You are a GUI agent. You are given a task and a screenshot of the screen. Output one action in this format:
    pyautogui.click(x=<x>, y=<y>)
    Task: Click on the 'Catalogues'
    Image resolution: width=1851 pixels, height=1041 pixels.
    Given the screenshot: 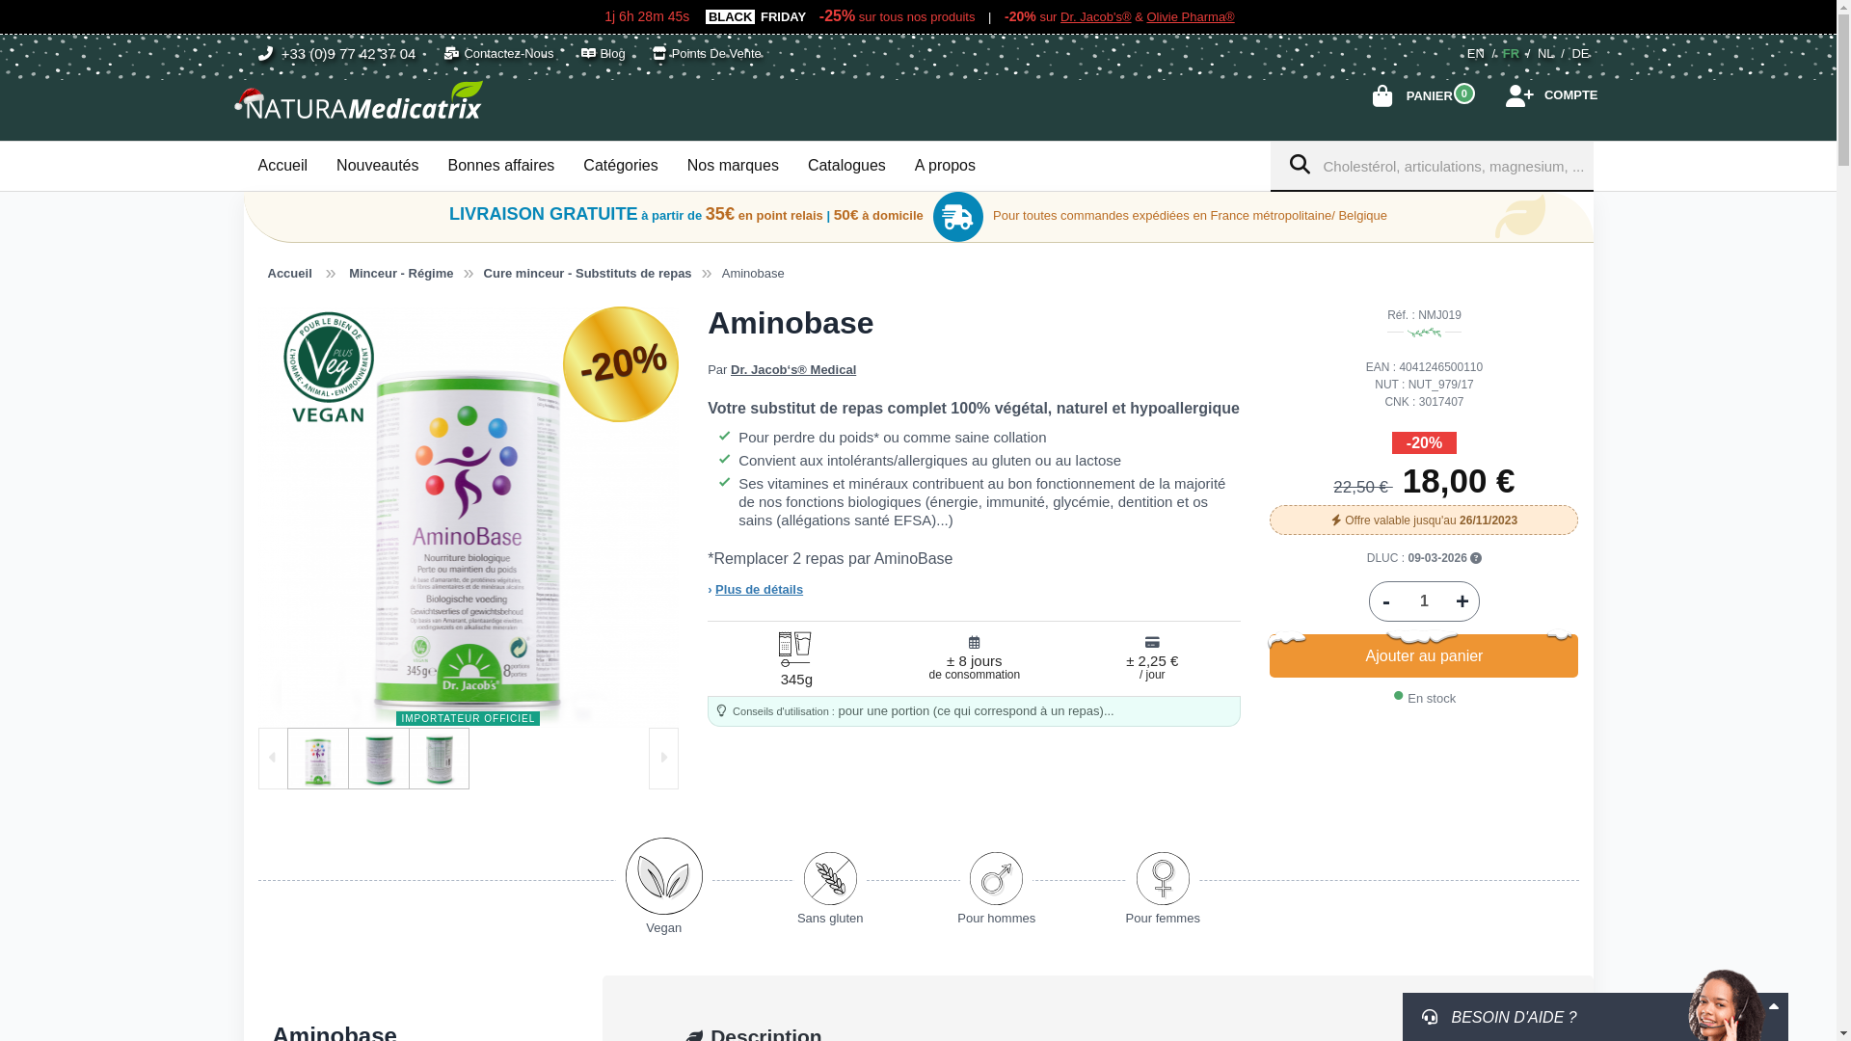 What is the action you would take?
    pyautogui.click(x=792, y=165)
    